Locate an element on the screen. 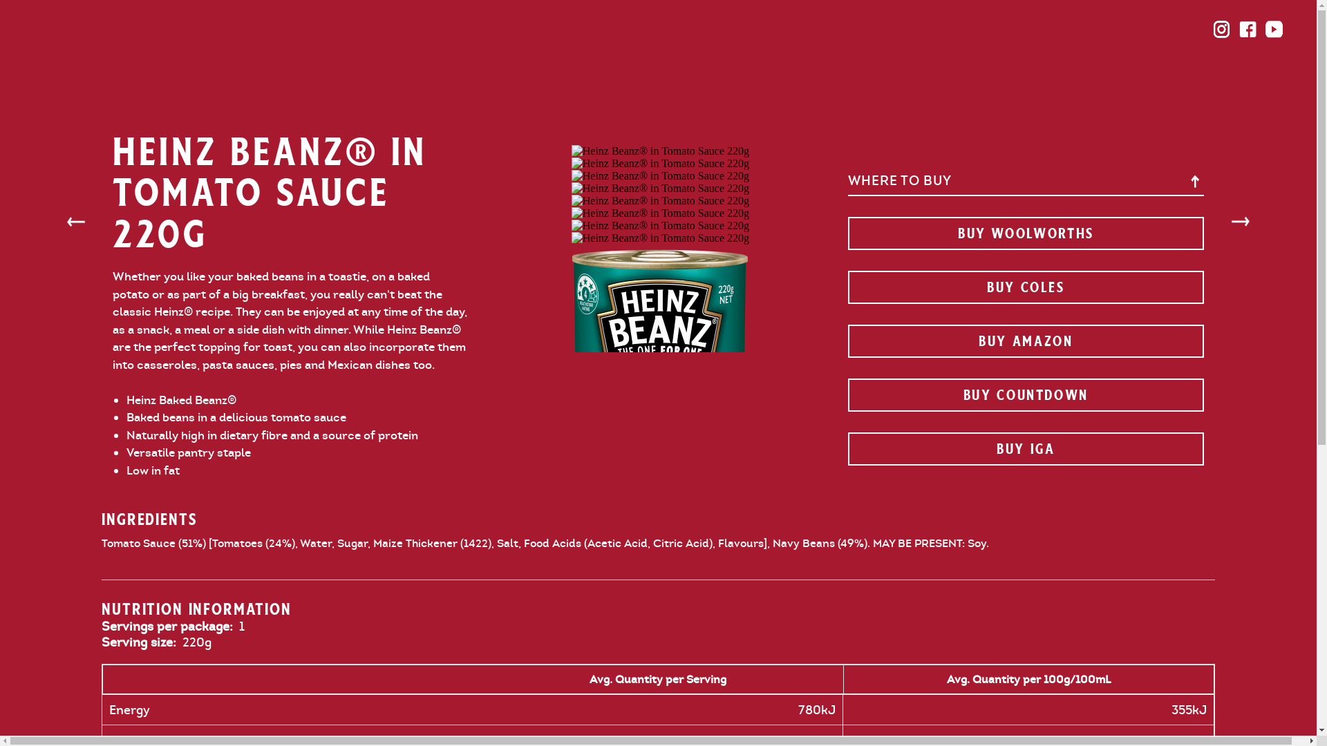 Image resolution: width=1327 pixels, height=746 pixels. 'Buy Coles' is located at coordinates (1025, 287).